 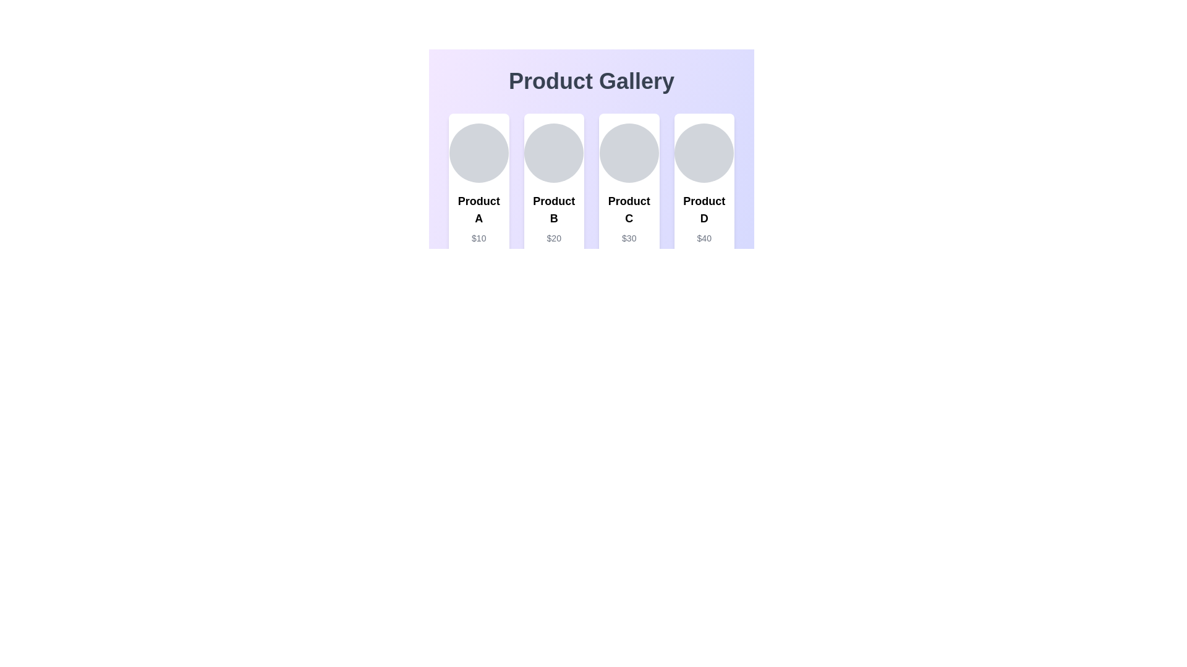 I want to click on visually on the text label displaying '$10' located below 'Product A' in the product card, so click(x=478, y=238).